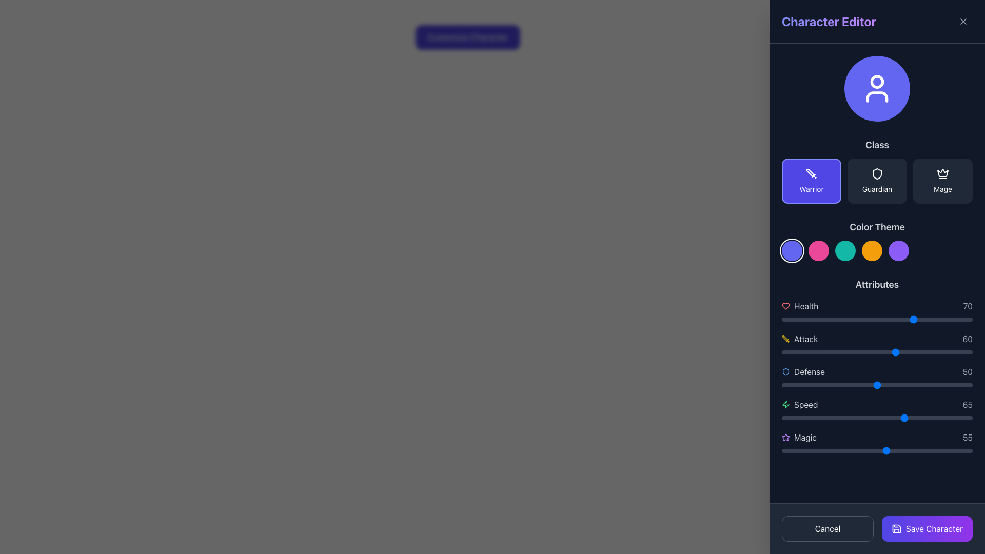  Describe the element at coordinates (876, 181) in the screenshot. I see `the 'Guardian' class selection button, which is the second in a row of three buttons labeled 'Warrior,' 'Guardian,' and 'Mage' in the character customization interface` at that location.